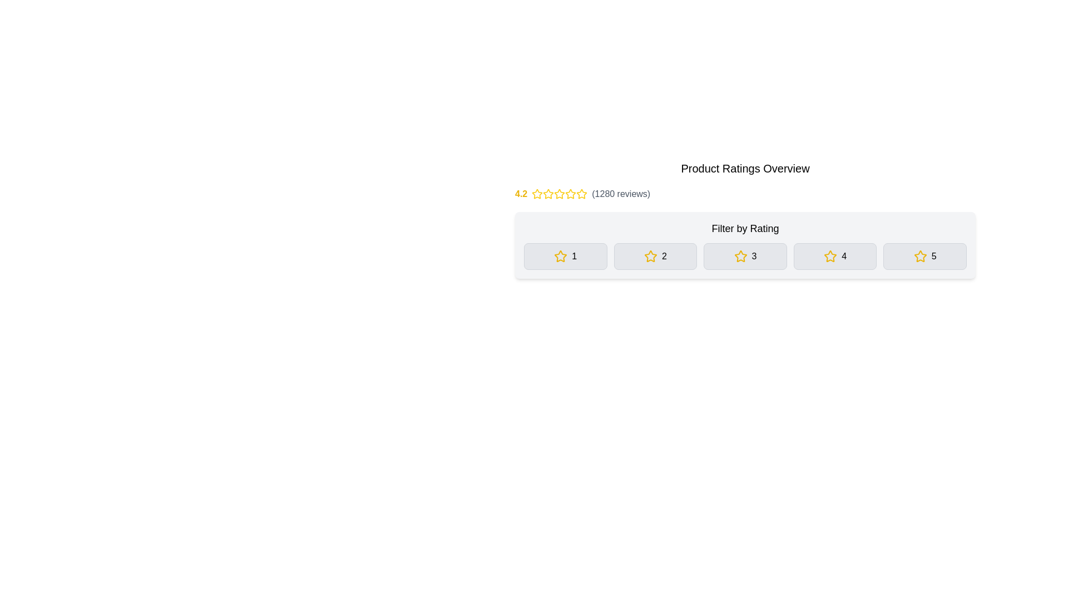 The image size is (1068, 601). Describe the element at coordinates (565, 257) in the screenshot. I see `the '1 star' filter button, which is the leftmost button in a row of five similar buttons` at that location.